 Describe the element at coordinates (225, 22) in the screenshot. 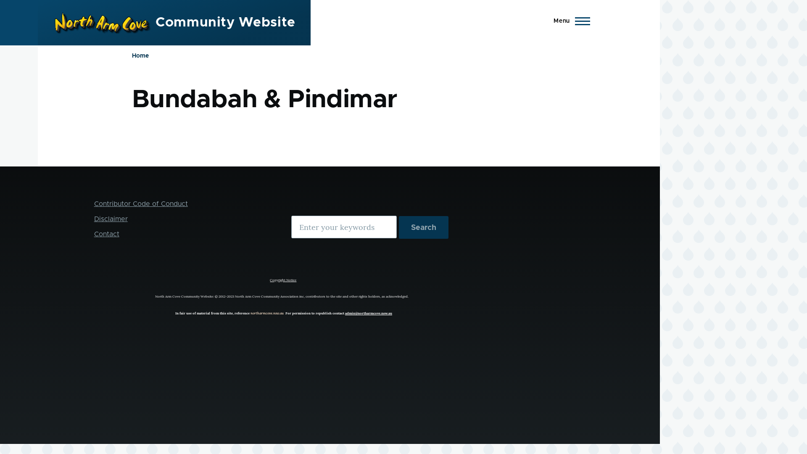

I see `'Community Website'` at that location.